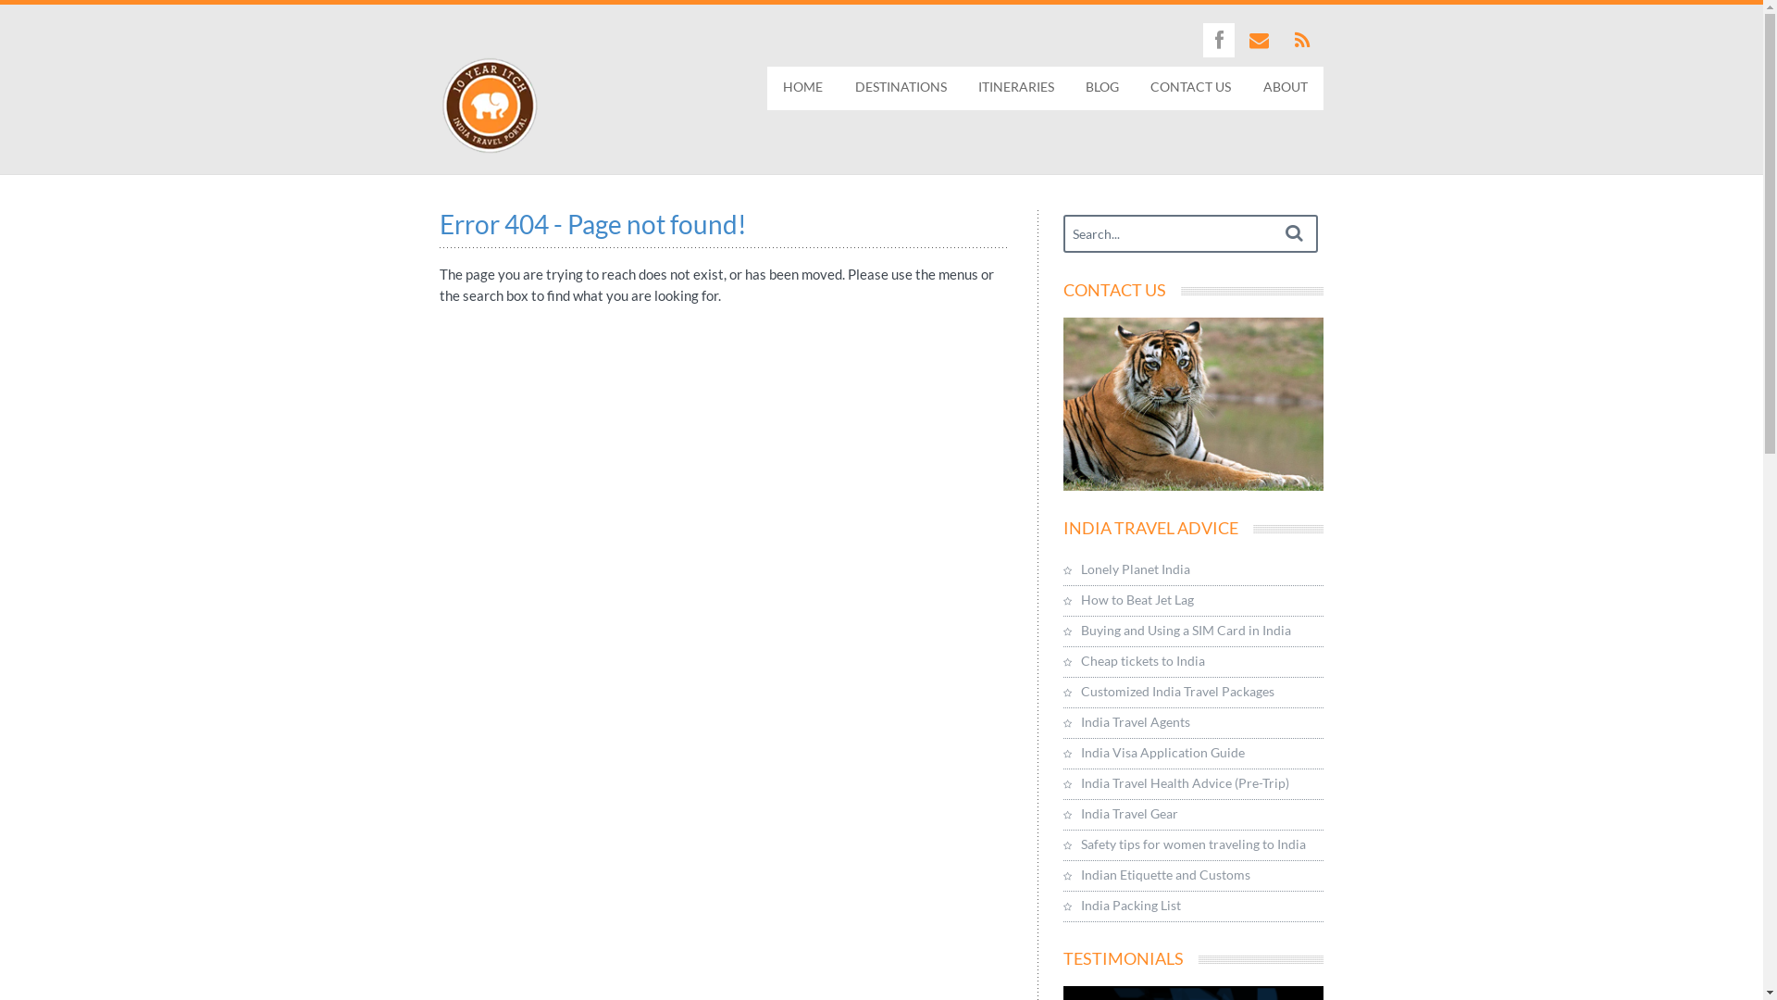  I want to click on 'India Packing List', so click(1193, 906).